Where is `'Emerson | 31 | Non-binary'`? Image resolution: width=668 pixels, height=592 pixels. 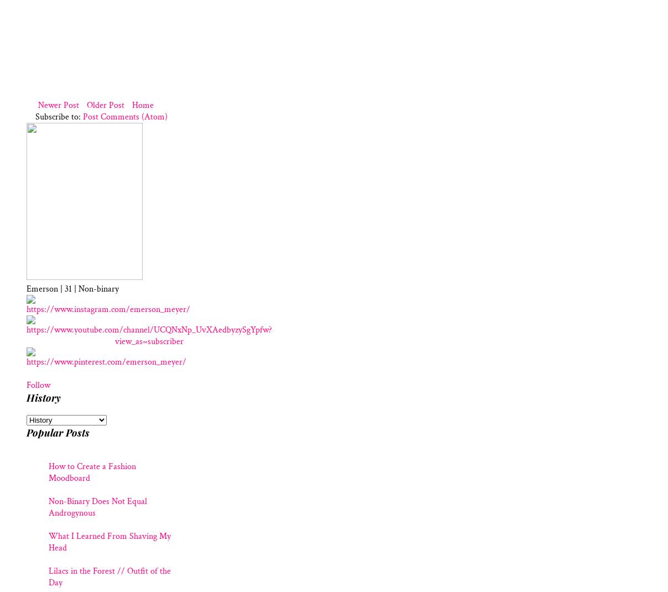 'Emerson | 31 | Non-binary' is located at coordinates (72, 288).